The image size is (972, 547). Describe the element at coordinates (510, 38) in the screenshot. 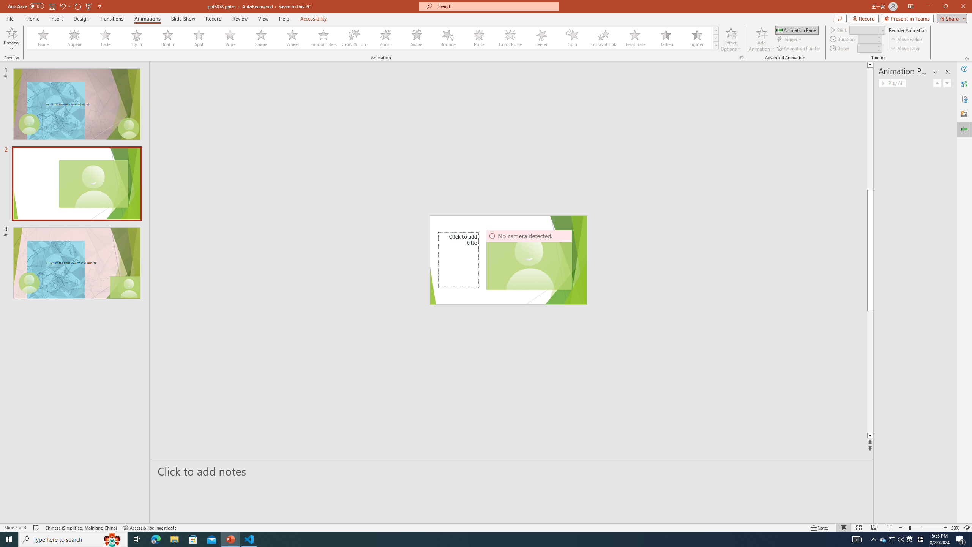

I see `'Color Pulse'` at that location.